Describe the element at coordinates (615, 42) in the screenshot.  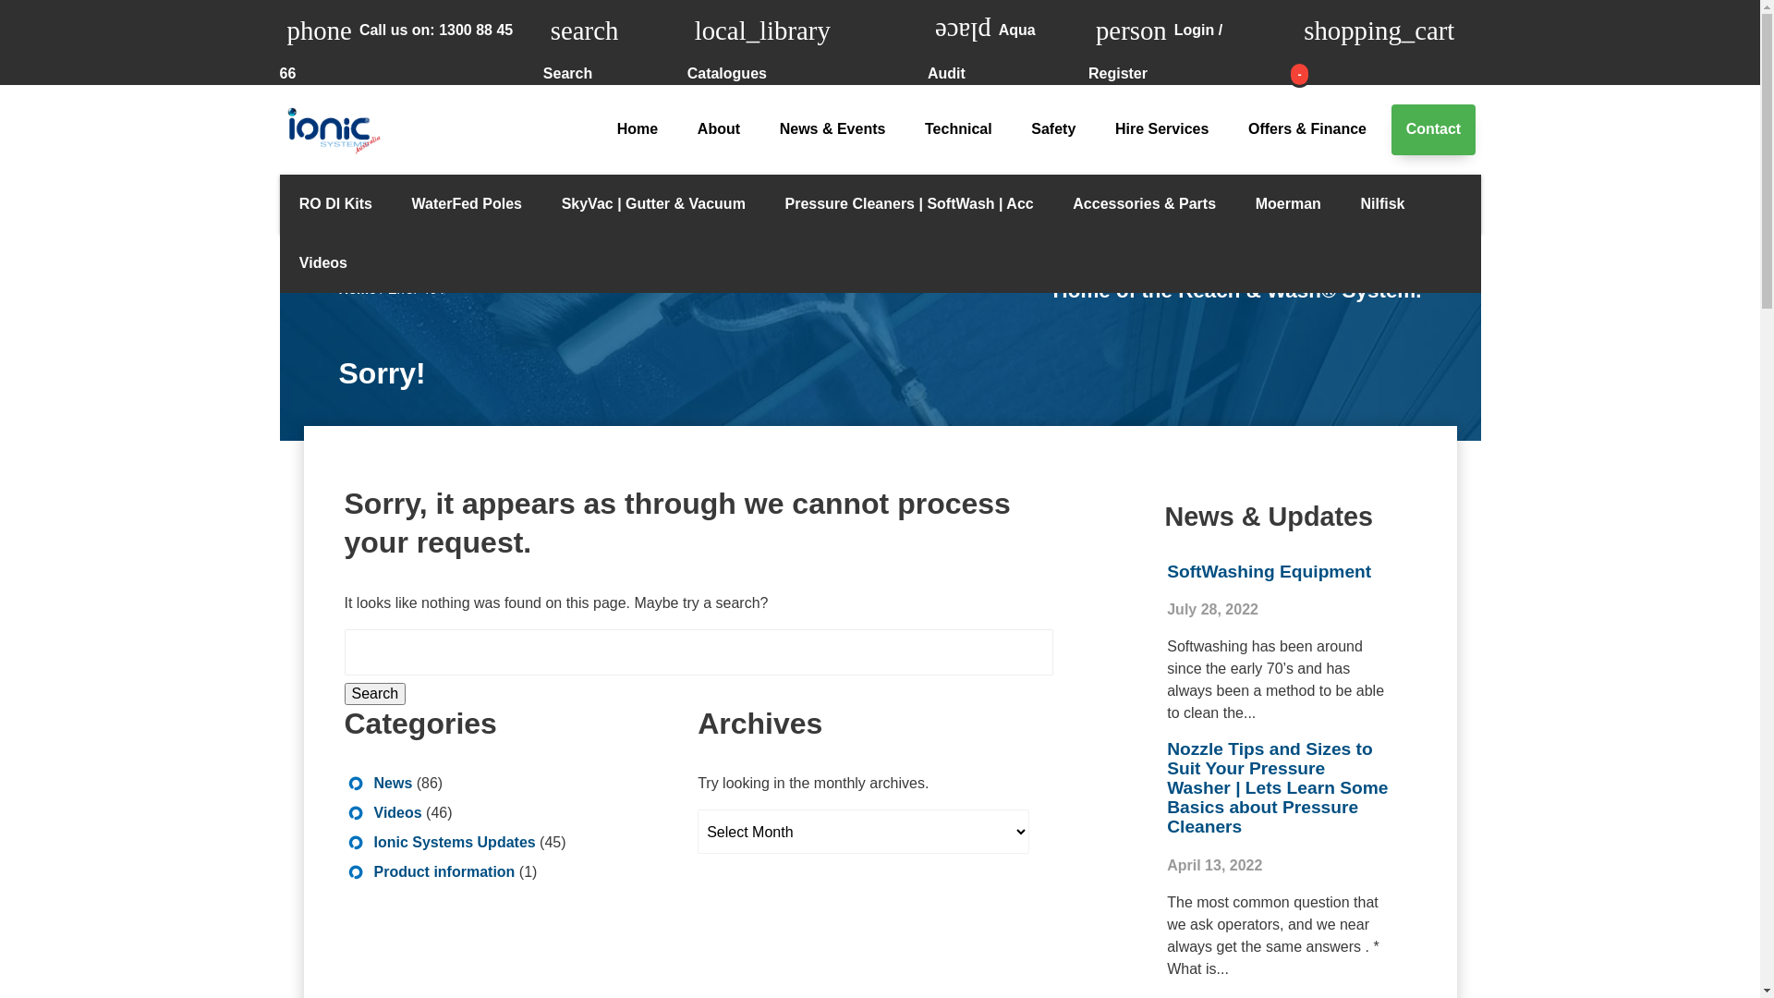
I see `'searchSearch'` at that location.